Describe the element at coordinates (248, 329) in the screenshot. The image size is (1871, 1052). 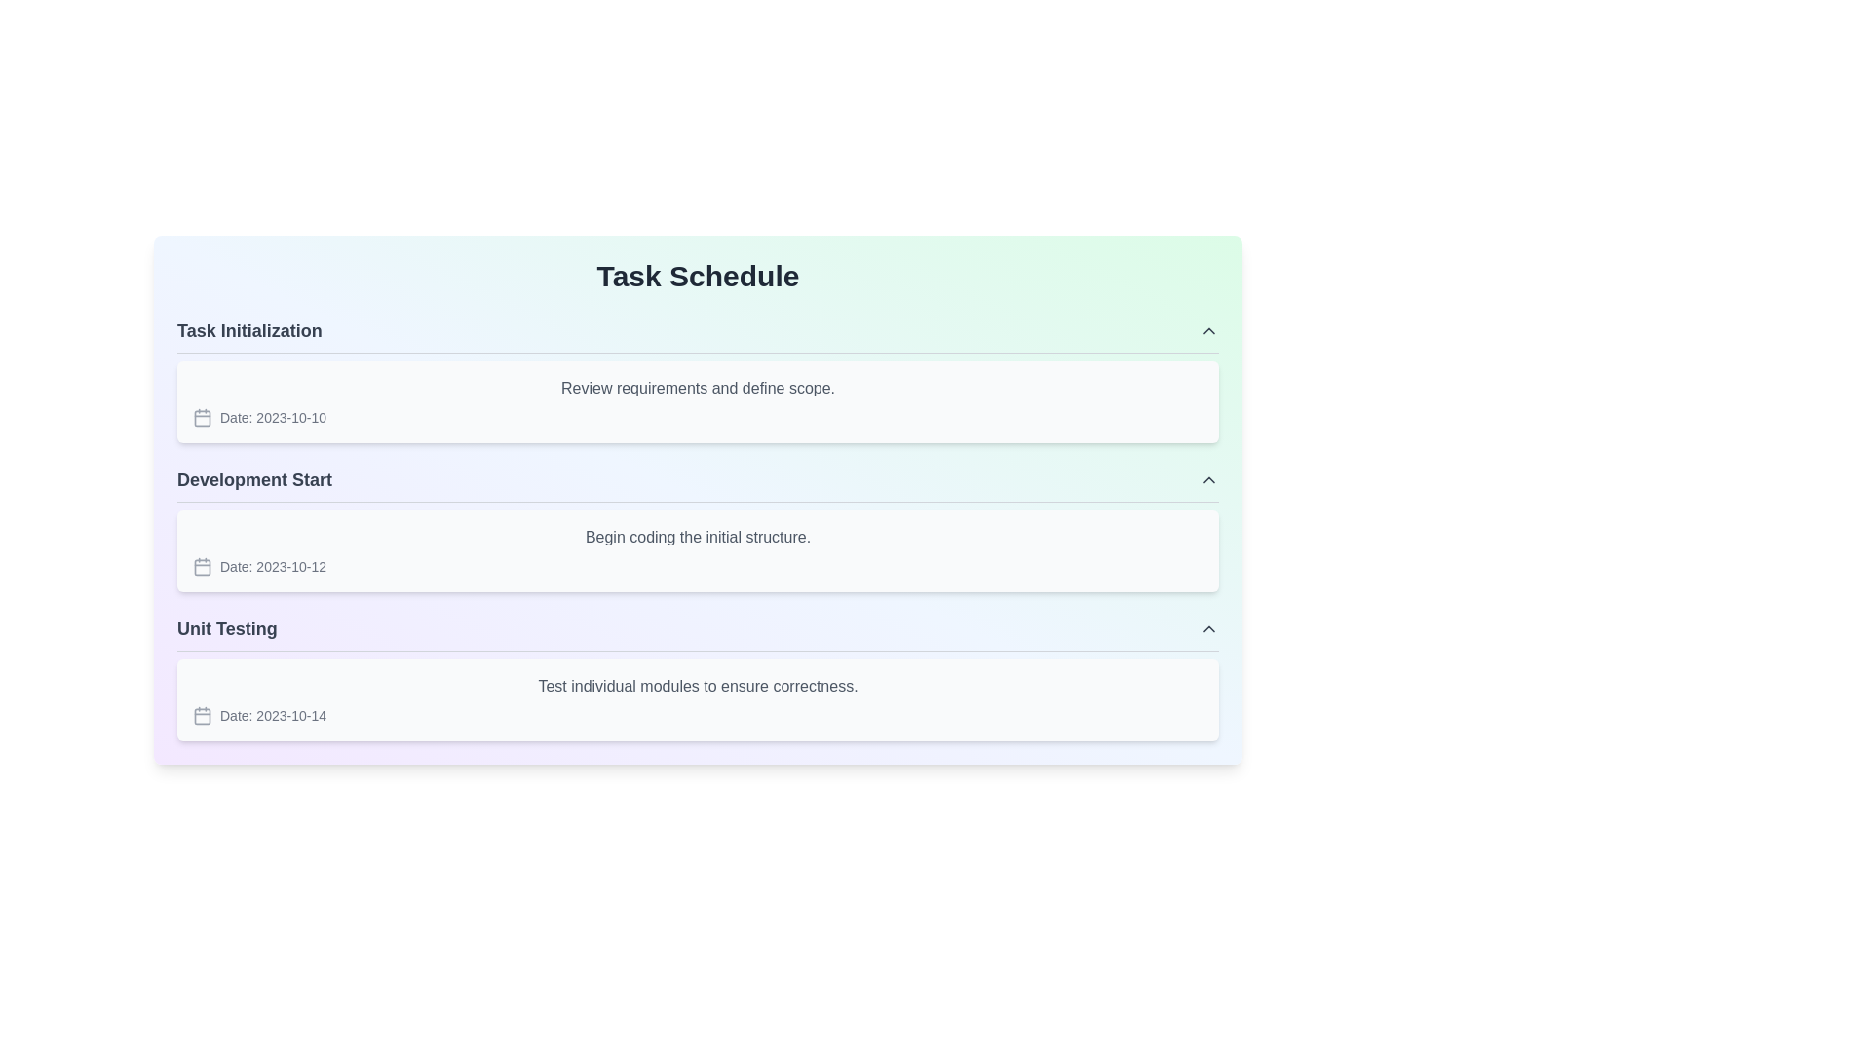
I see `the Text label that serves as the header for the 'Task Initialization' subsection by moving the cursor to its center point` at that location.